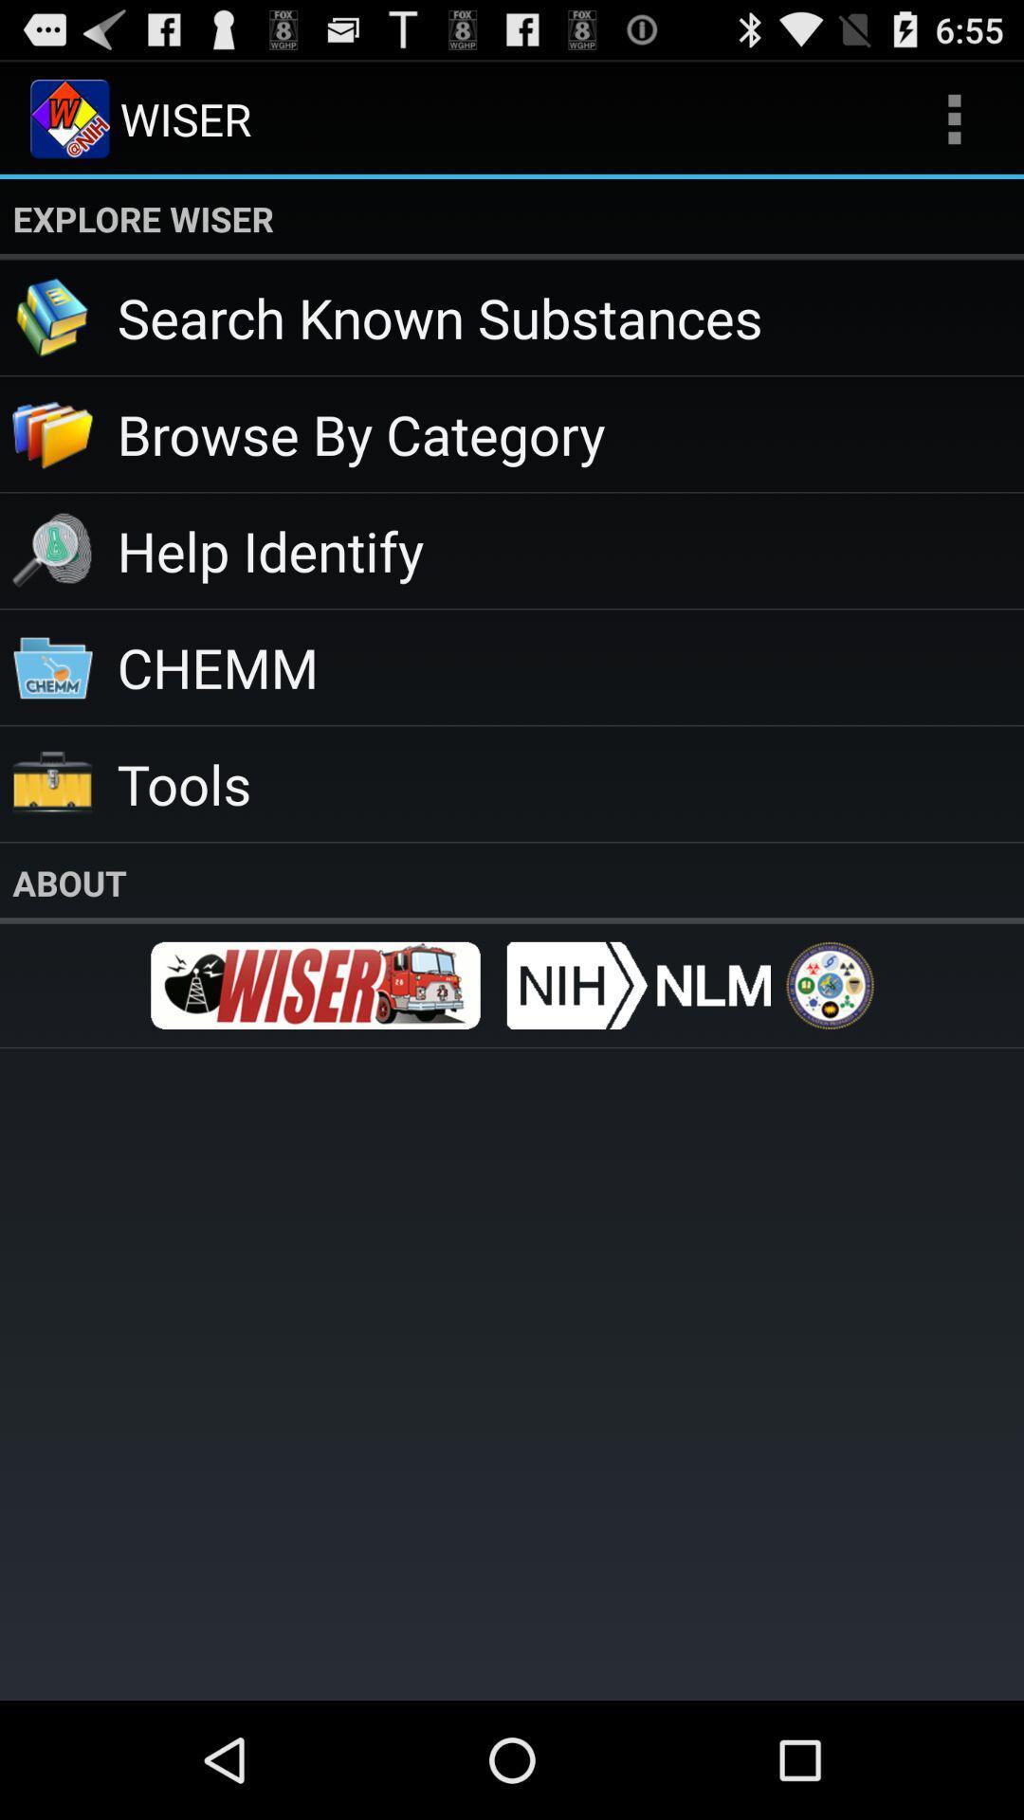 This screenshot has height=1820, width=1024. What do you see at coordinates (569, 549) in the screenshot?
I see `the item above chemm app` at bounding box center [569, 549].